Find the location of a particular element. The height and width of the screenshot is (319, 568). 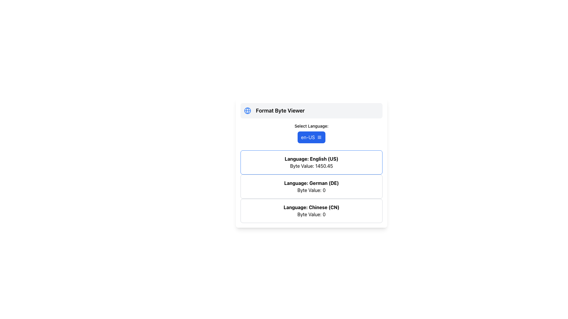

the textual display box styled as a card that shows 'Language: Chinese (CN)' and 'Byte Value: 0', which is the third option in the list is located at coordinates (311, 210).